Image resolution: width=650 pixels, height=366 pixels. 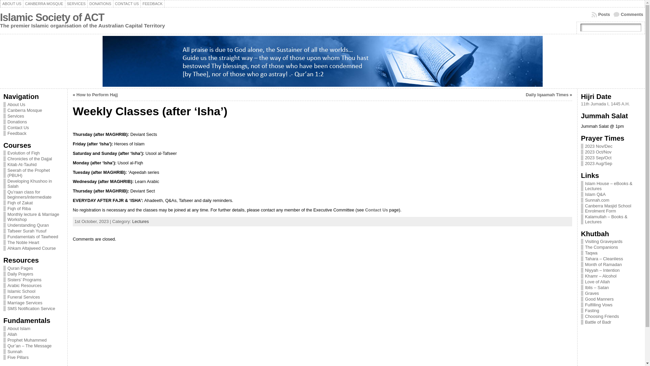 What do you see at coordinates (585, 208) in the screenshot?
I see `'Canberra Masjid School Enrolment Form'` at bounding box center [585, 208].